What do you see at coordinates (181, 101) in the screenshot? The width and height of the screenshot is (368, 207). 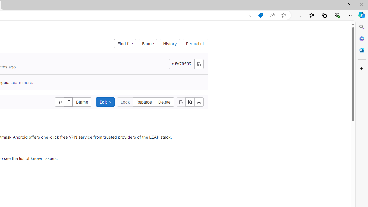 I see `'Copy file contents'` at bounding box center [181, 101].